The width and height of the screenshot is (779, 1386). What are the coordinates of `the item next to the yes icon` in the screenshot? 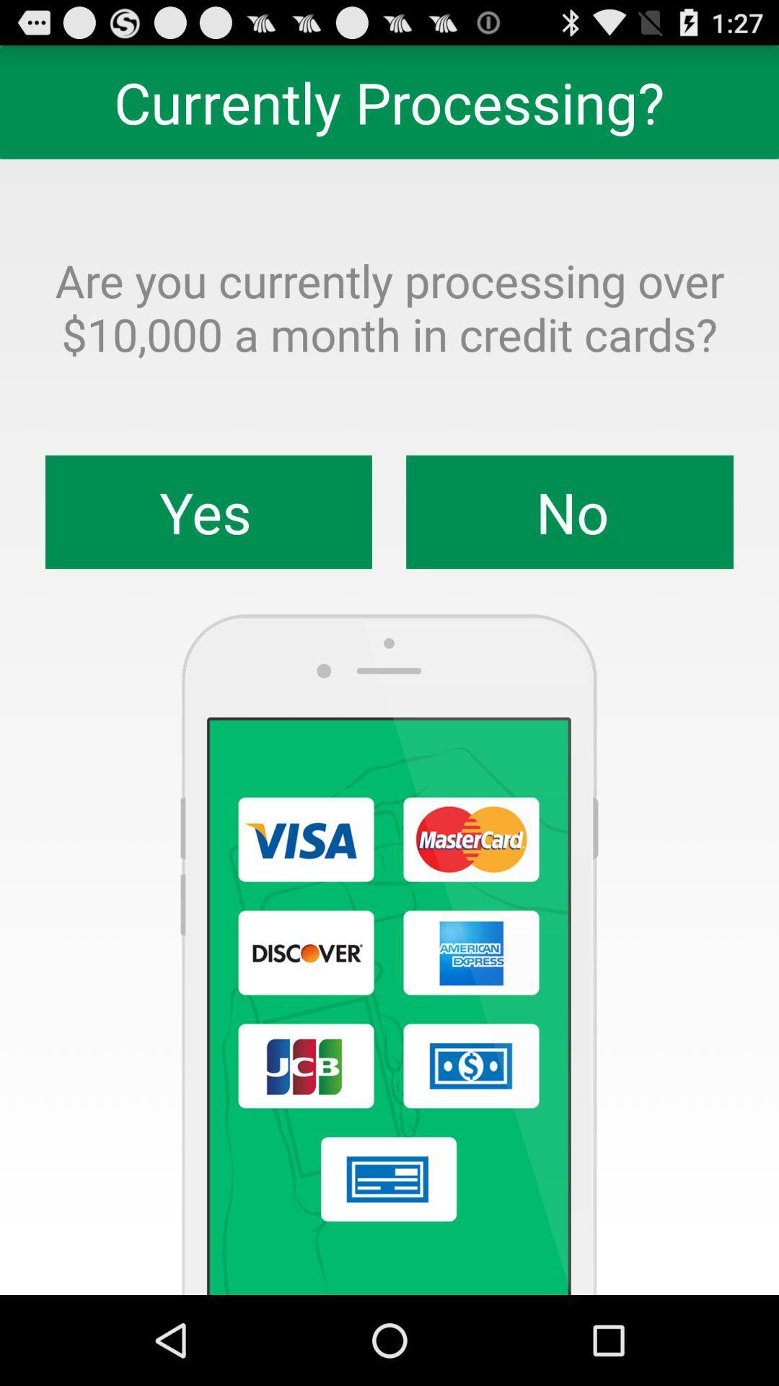 It's located at (569, 512).